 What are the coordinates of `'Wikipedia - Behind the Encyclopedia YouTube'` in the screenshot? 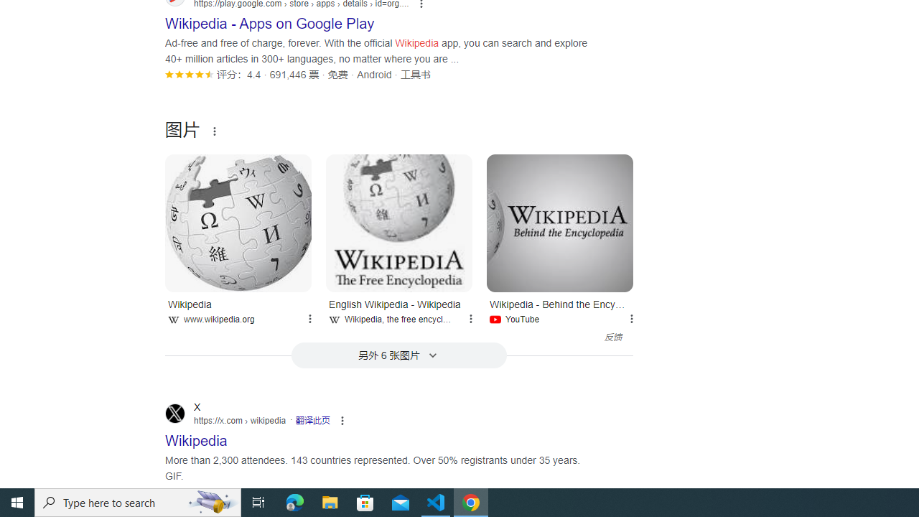 It's located at (559, 309).